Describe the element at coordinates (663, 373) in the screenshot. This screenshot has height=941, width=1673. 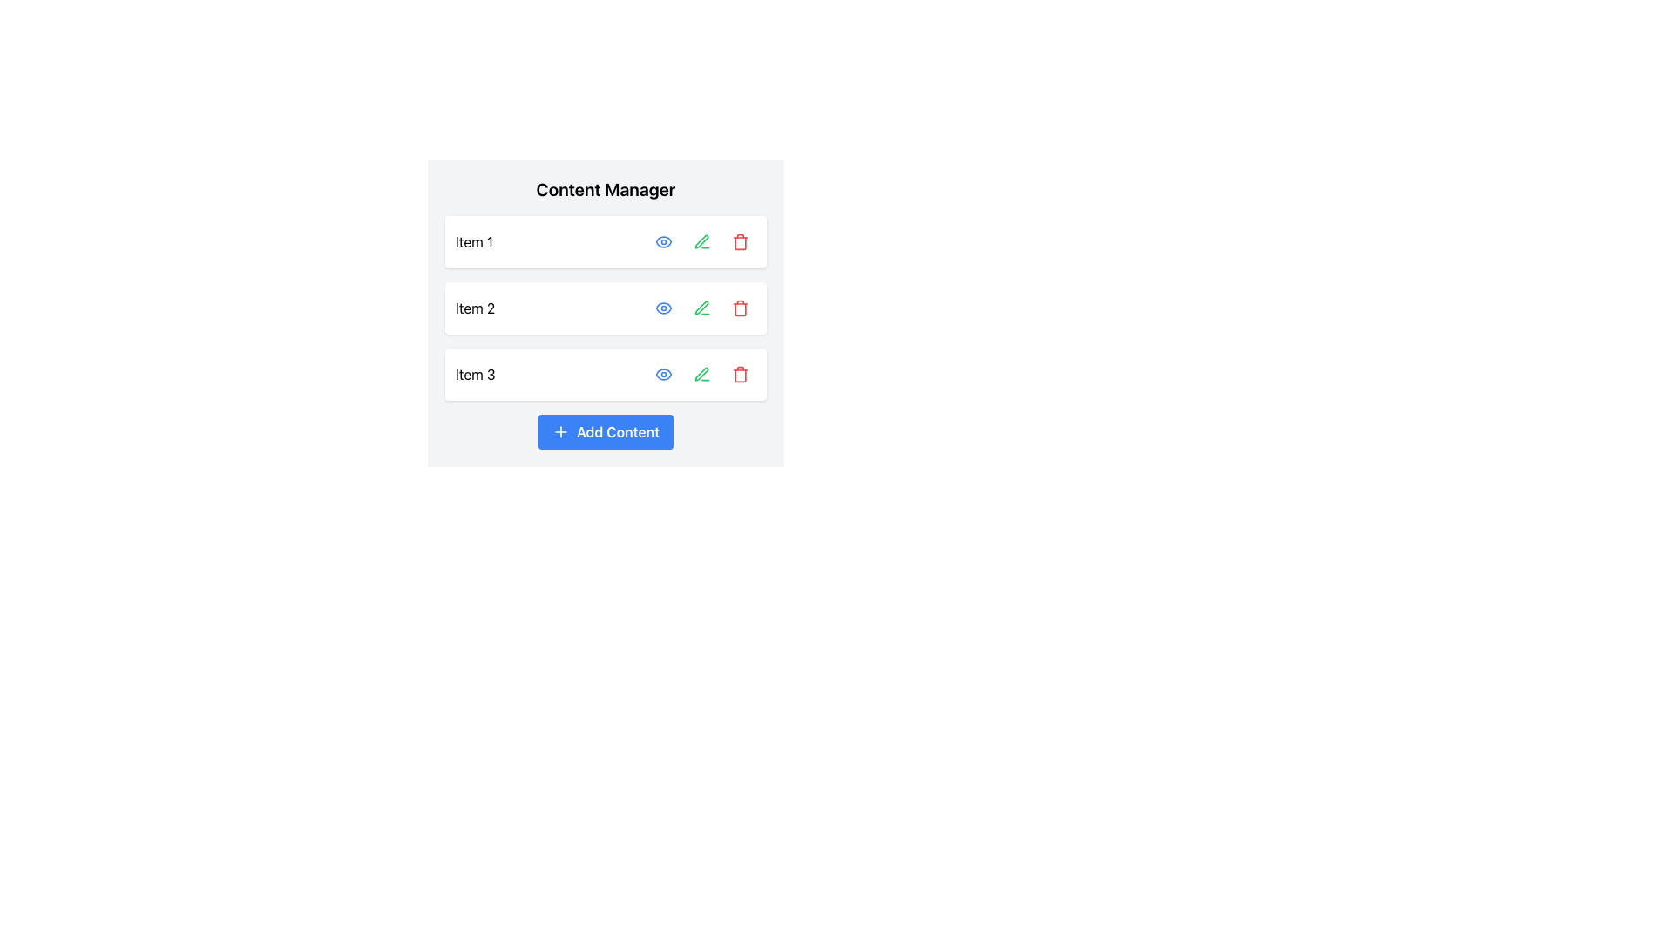
I see `the visibility icon in the context menu of 'Item 3'` at that location.